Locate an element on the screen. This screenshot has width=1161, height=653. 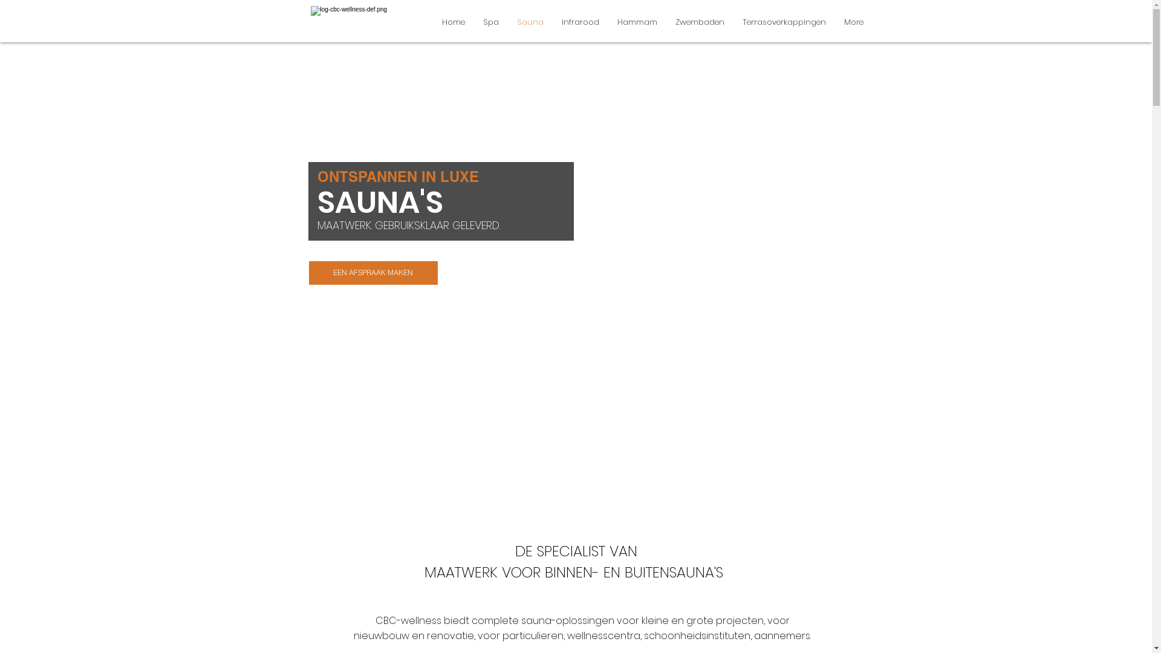
'Infrarood' is located at coordinates (551, 22).